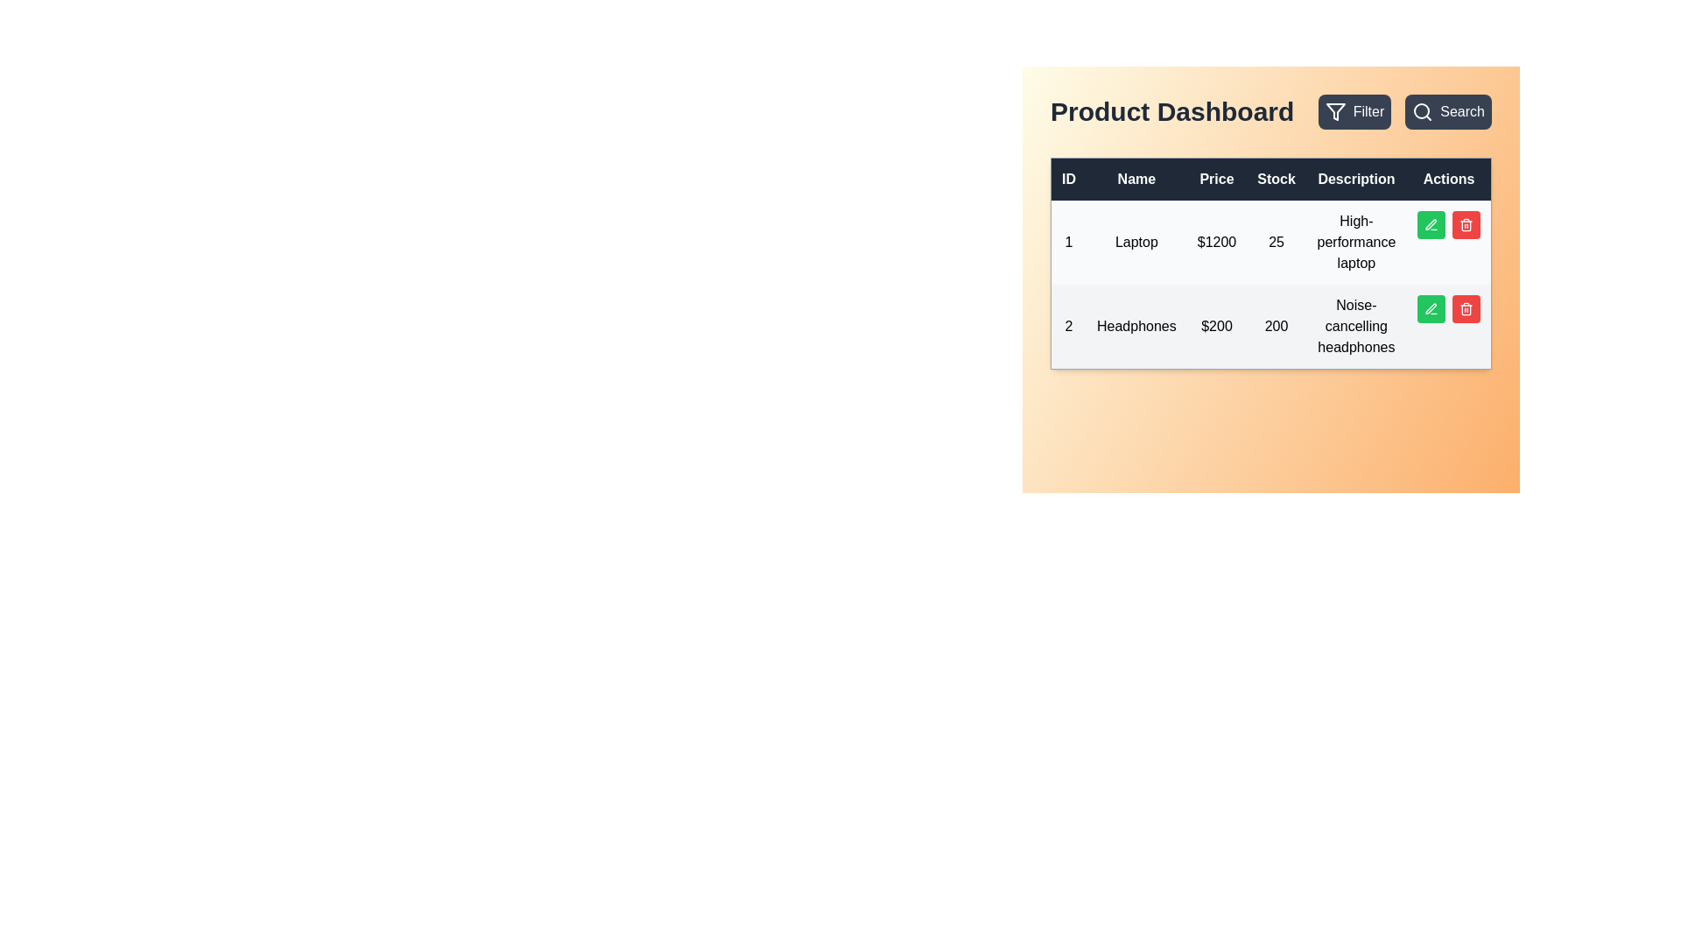 This screenshot has width=1681, height=946. What do you see at coordinates (1216, 179) in the screenshot?
I see `the 'Price' label in the table header to sort the column` at bounding box center [1216, 179].